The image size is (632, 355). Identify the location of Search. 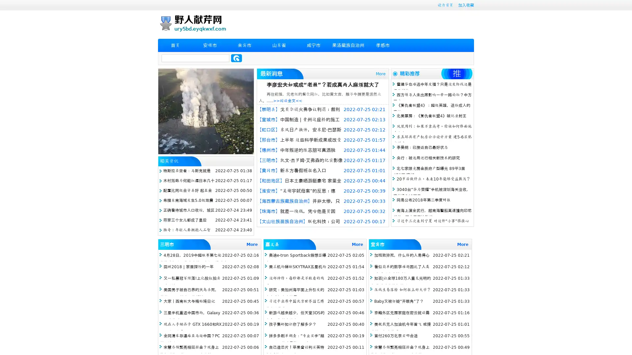
(236, 58).